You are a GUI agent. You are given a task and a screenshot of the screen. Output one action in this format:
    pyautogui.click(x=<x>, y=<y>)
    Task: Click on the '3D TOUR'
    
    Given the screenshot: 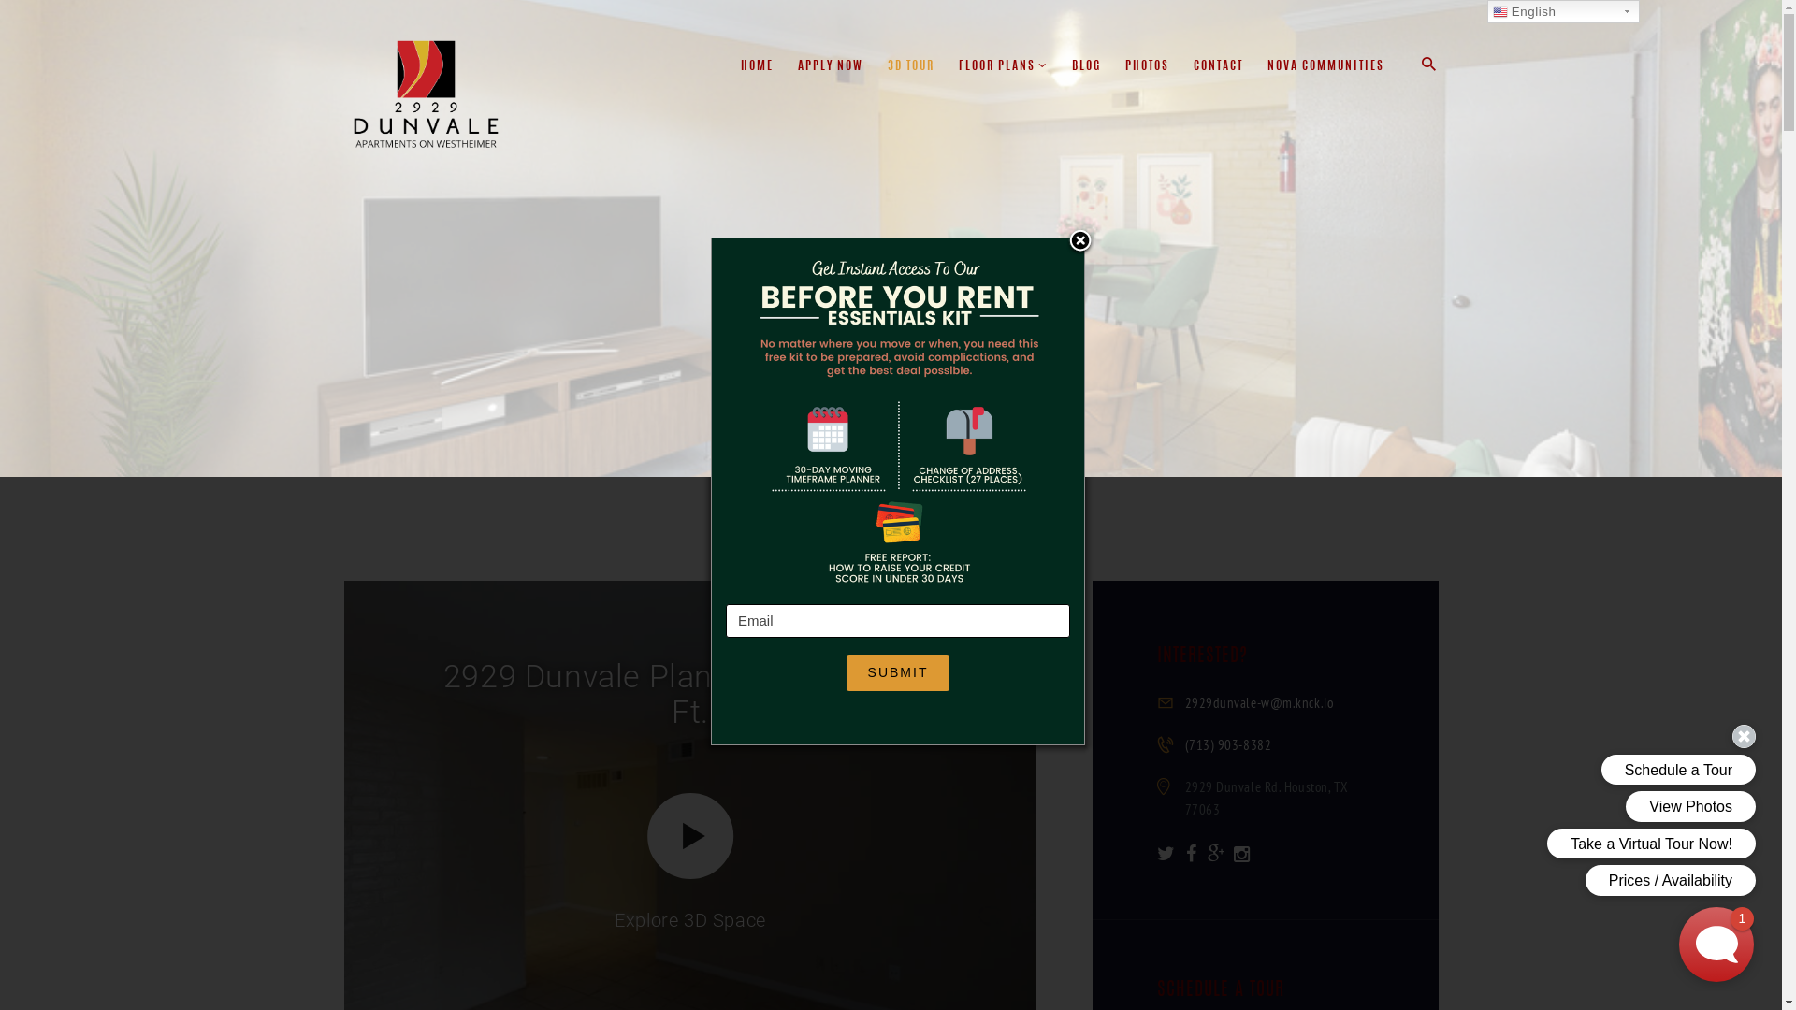 What is the action you would take?
    pyautogui.click(x=875, y=66)
    